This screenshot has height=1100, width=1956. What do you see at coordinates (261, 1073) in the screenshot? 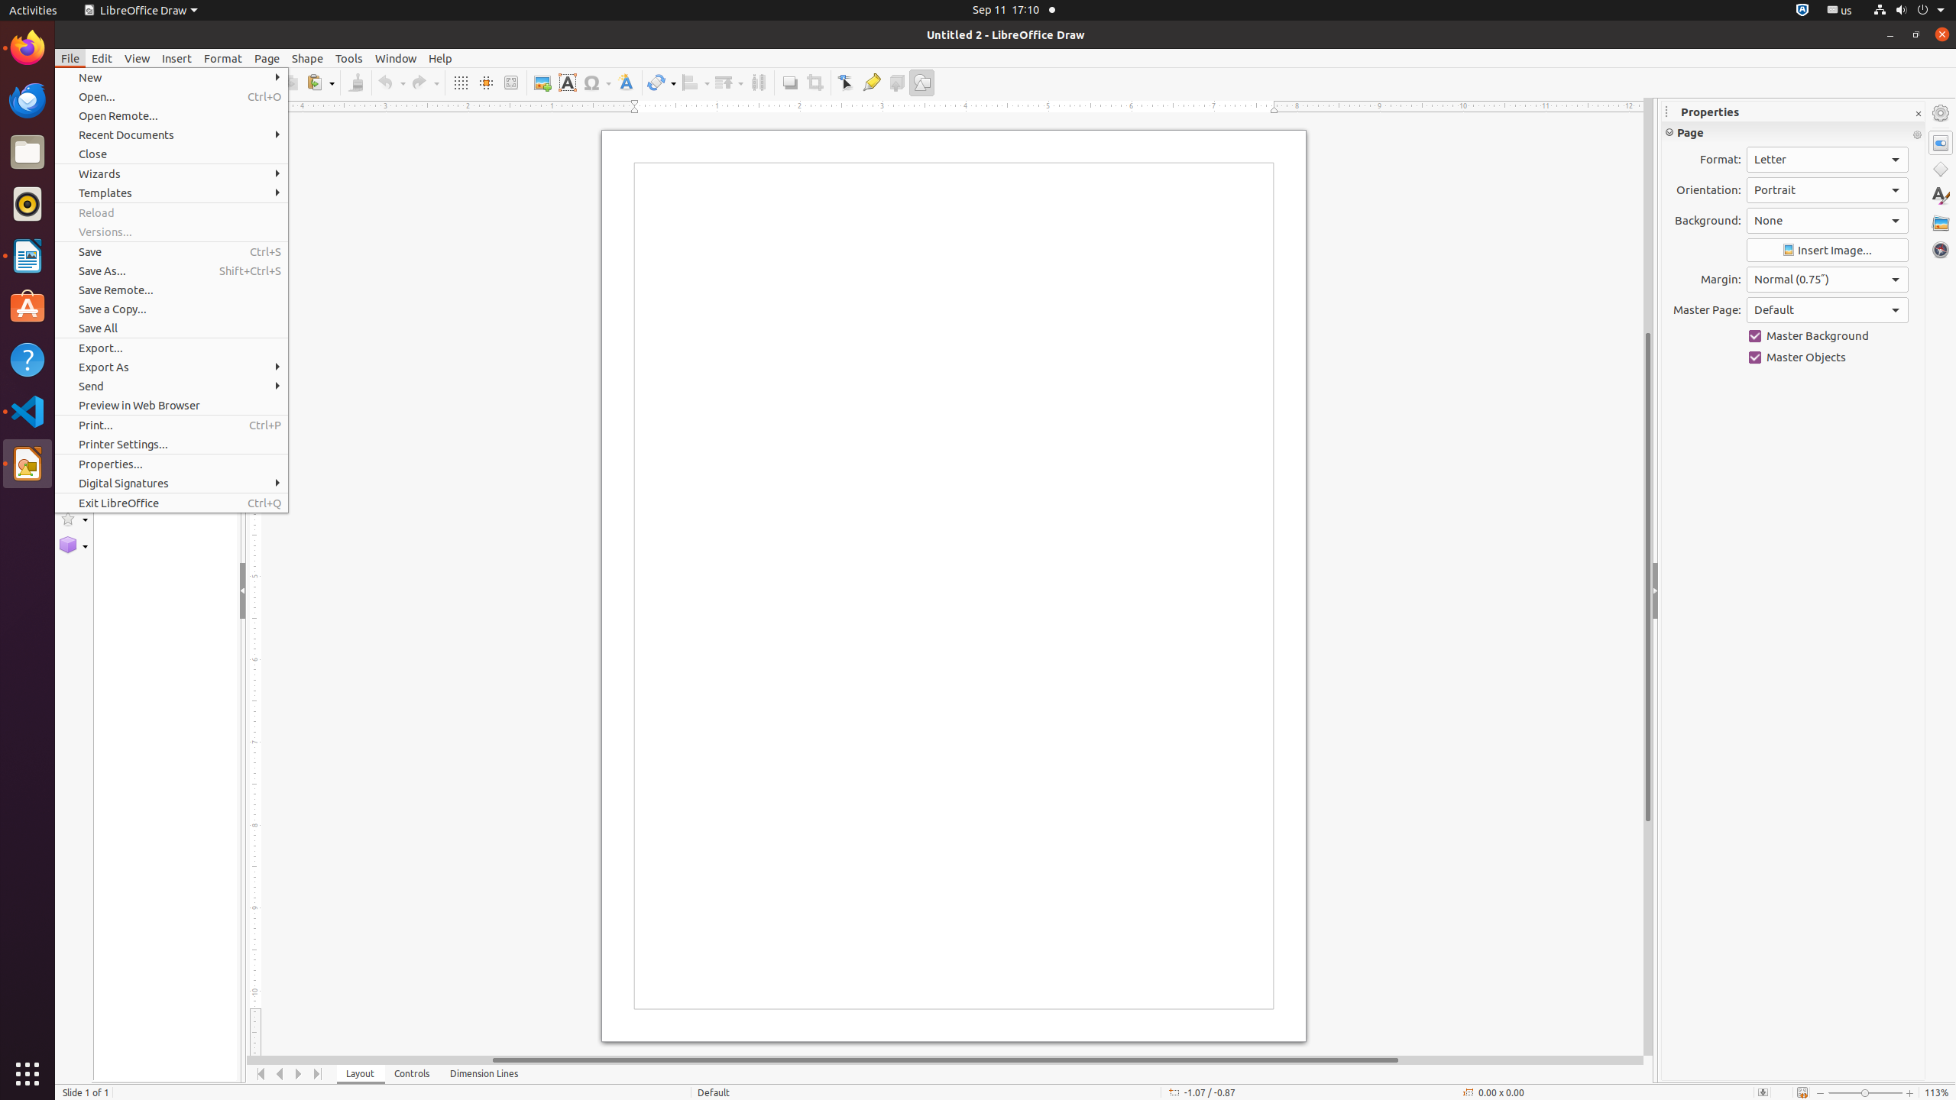
I see `'Move To Home'` at bounding box center [261, 1073].